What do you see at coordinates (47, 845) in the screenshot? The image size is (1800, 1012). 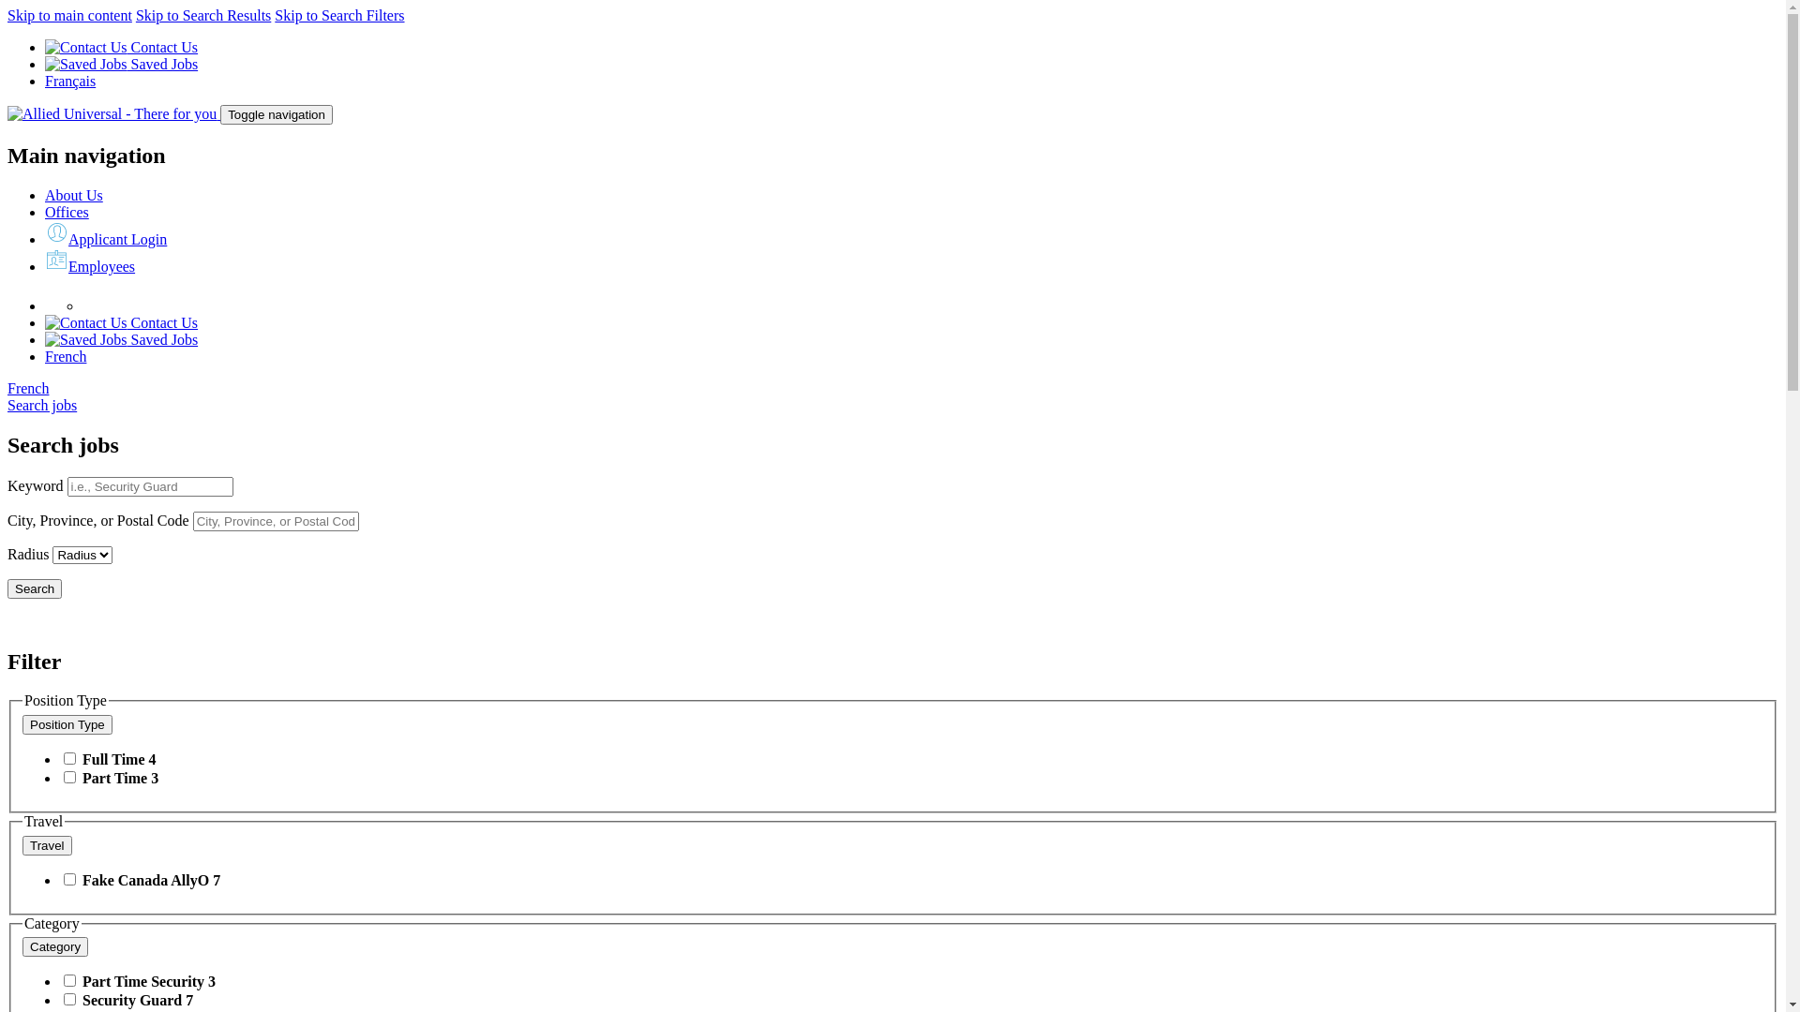 I see `'Travel'` at bounding box center [47, 845].